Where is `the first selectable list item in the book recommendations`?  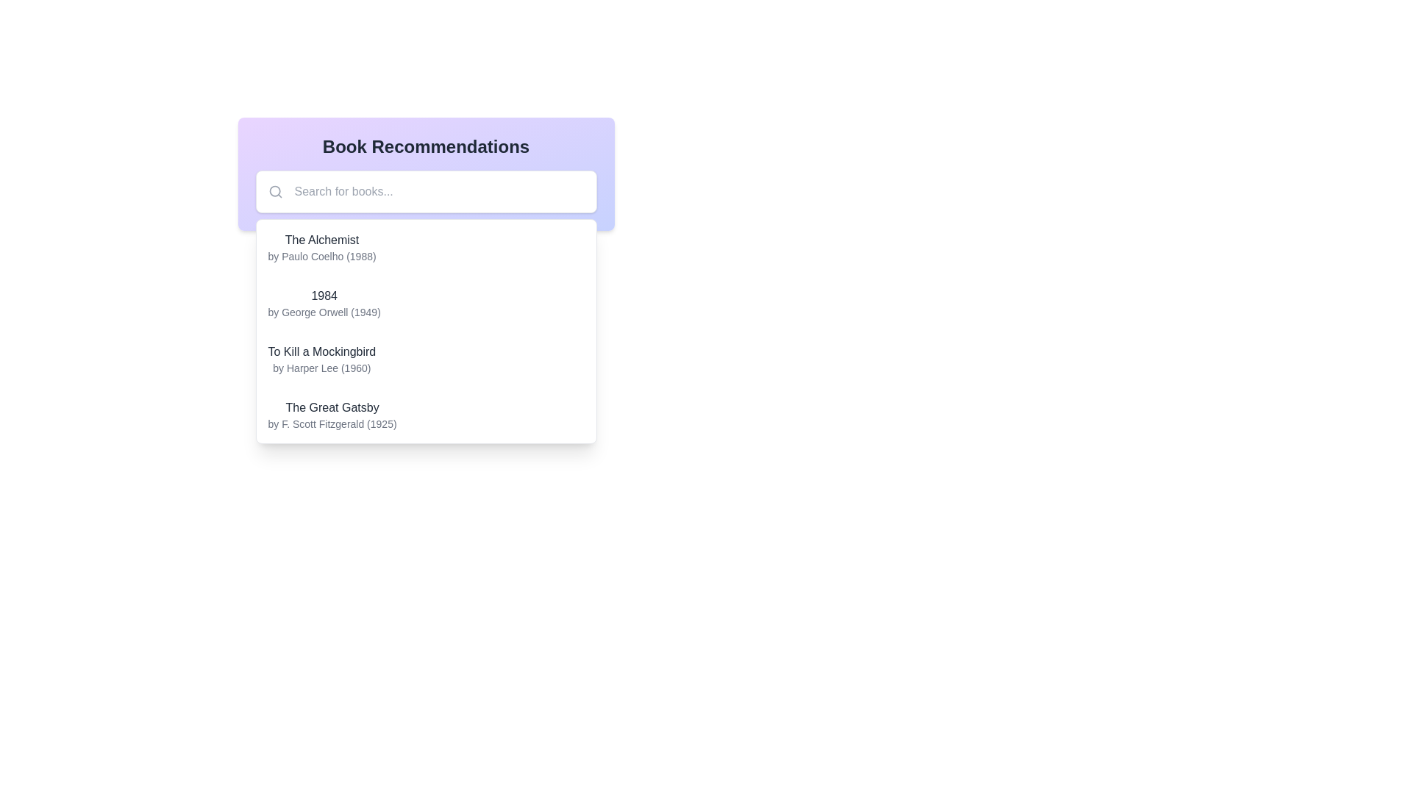
the first selectable list item in the book recommendations is located at coordinates (425, 246).